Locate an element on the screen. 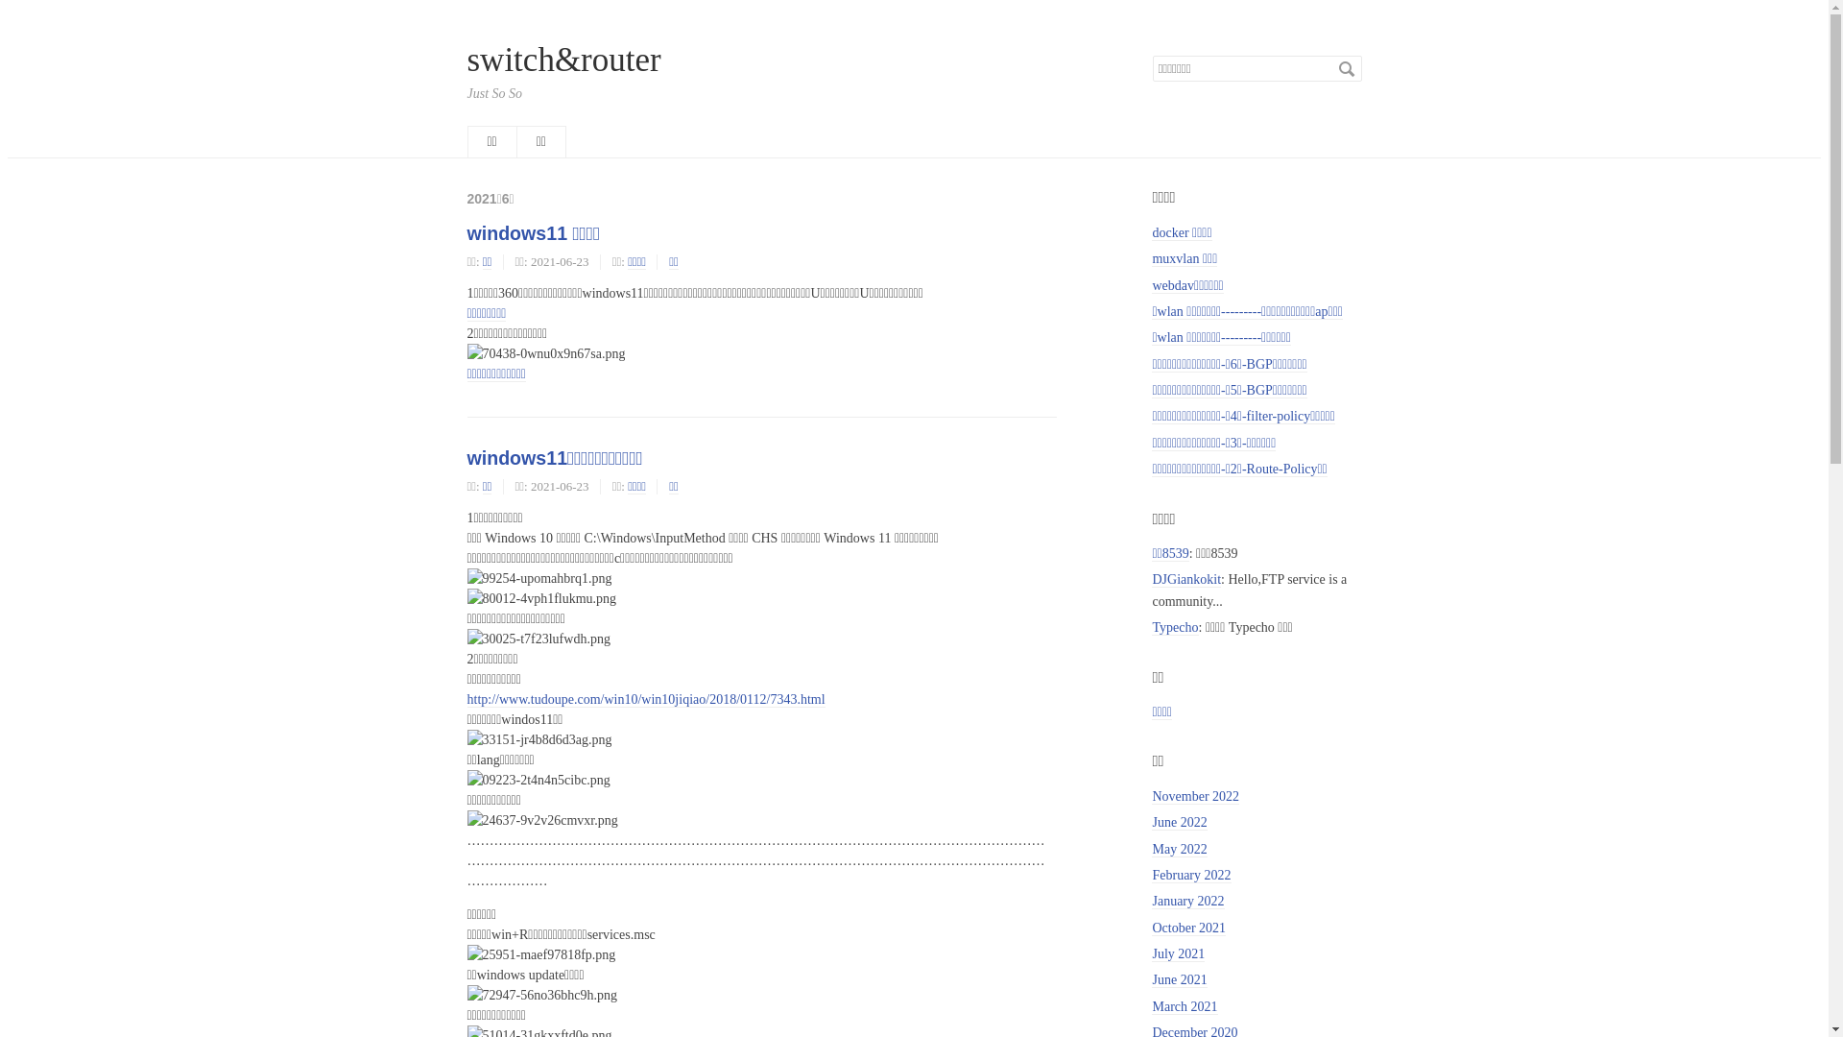 This screenshot has height=1037, width=1843. '25951-maef97818fp.png' is located at coordinates (539, 954).